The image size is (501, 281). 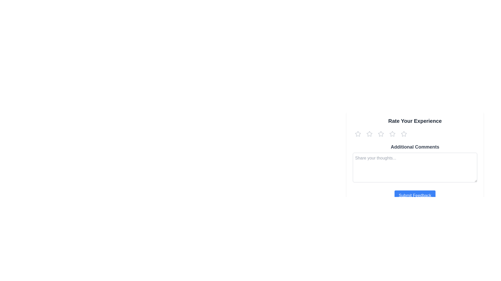 What do you see at coordinates (358, 134) in the screenshot?
I see `the first star in the rating system to assign a one-star rating, indicating the lowest level of satisfaction` at bounding box center [358, 134].